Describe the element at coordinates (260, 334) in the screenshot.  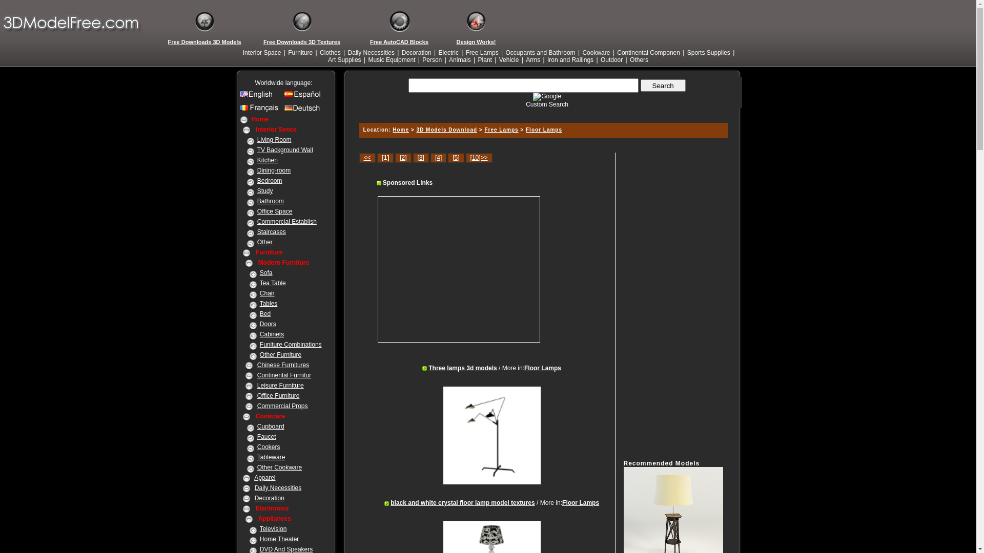
I see `'Cabinets'` at that location.